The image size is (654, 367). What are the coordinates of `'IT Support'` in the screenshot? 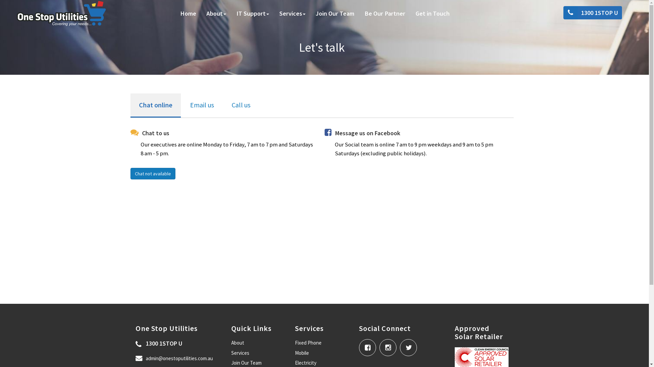 It's located at (252, 13).